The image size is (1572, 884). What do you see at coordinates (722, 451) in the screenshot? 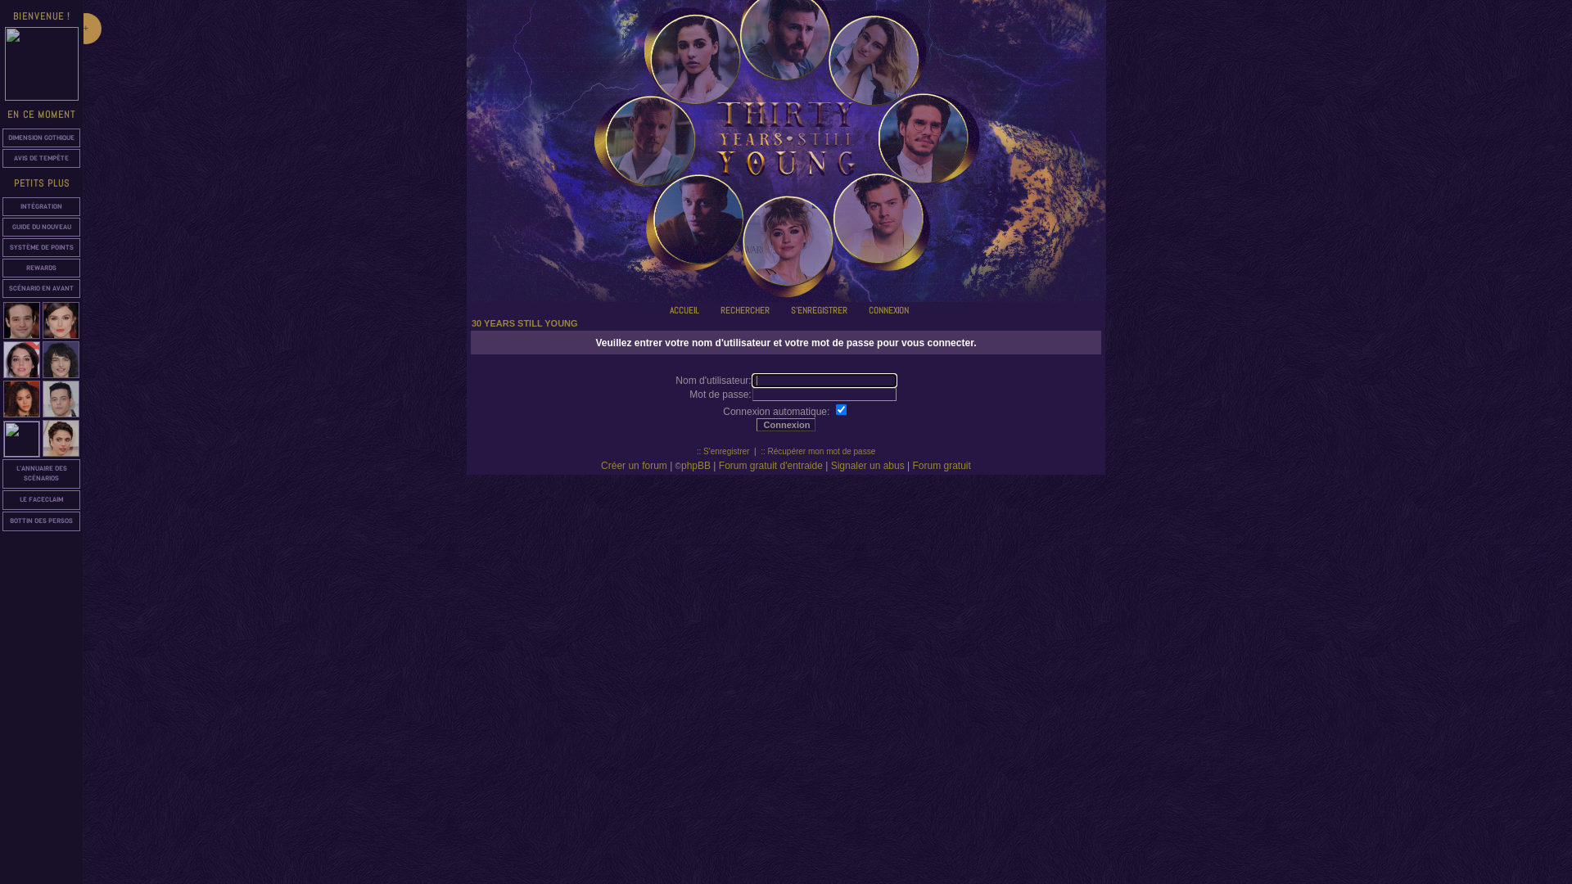
I see `':: S'enregistrer'` at bounding box center [722, 451].